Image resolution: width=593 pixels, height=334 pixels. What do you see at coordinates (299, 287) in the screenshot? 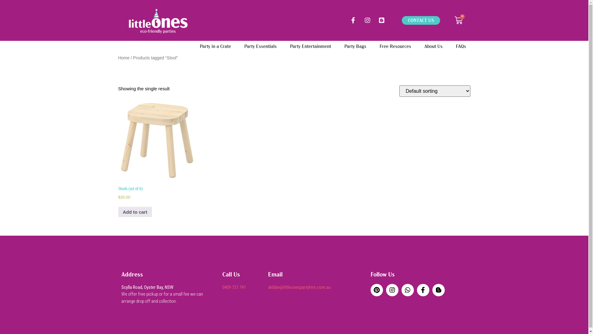
I see `'debbie@littleonespartyhire.com.au'` at bounding box center [299, 287].